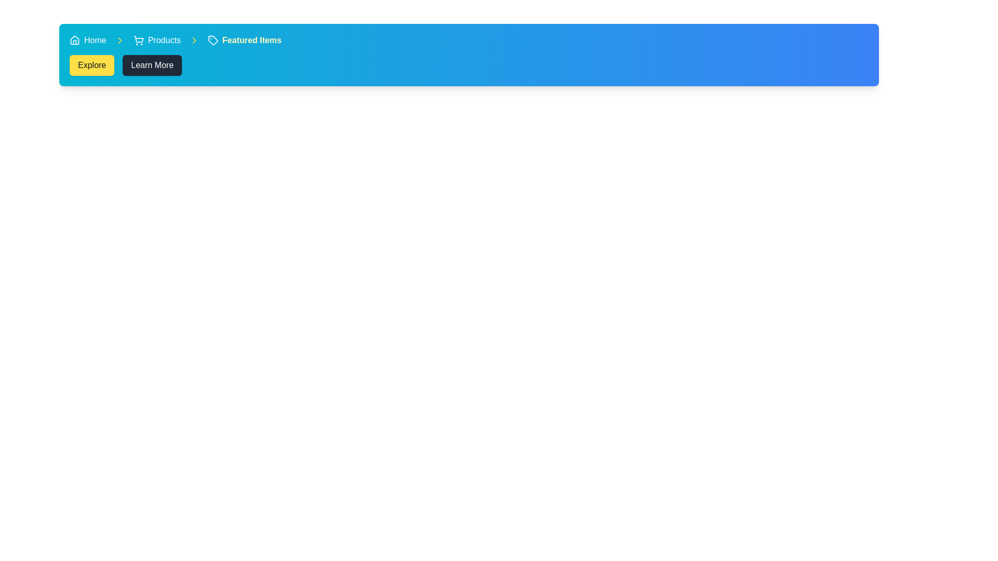 The image size is (998, 561). I want to click on the rectangular yellow button with rounded corners labeled 'Explore', so click(92, 65).